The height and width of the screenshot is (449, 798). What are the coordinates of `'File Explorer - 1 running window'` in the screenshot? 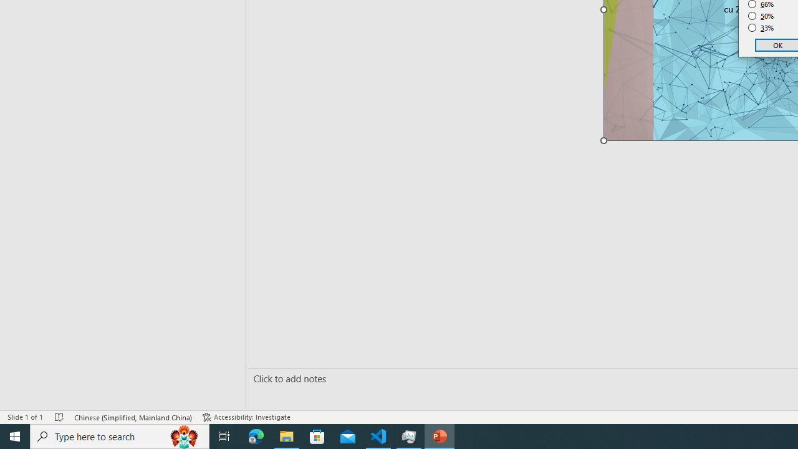 It's located at (286, 435).